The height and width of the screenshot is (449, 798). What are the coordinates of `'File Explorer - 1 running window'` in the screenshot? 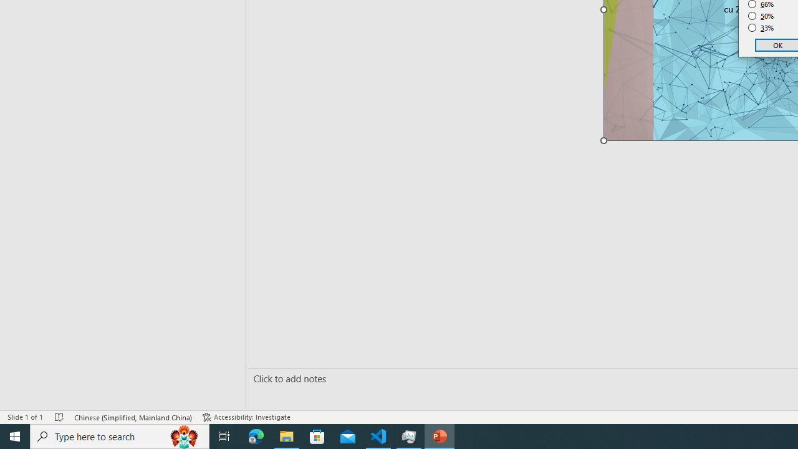 It's located at (286, 435).